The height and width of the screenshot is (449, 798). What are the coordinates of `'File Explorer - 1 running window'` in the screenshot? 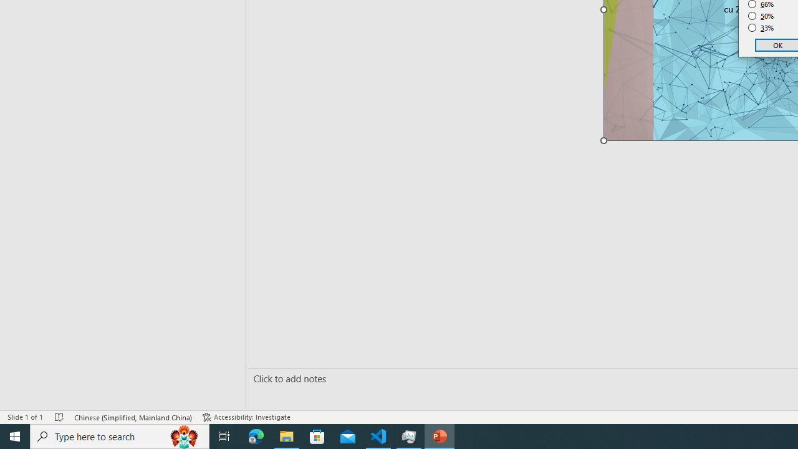 It's located at (286, 435).